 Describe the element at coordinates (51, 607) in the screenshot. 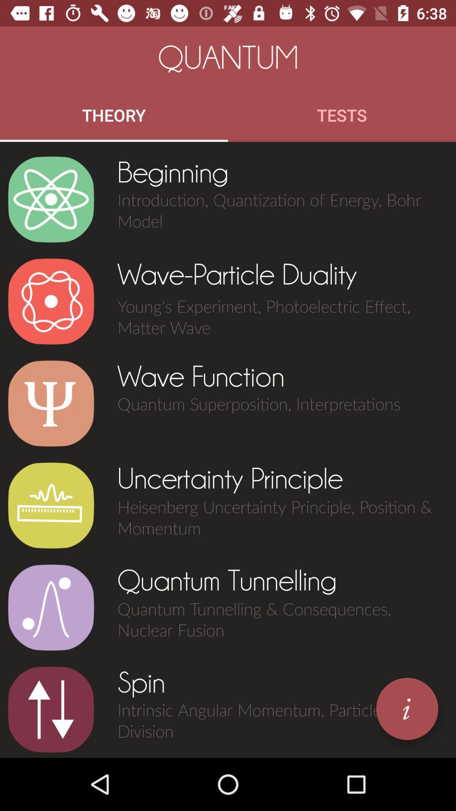

I see `item to the left of quantum tunnelling` at that location.